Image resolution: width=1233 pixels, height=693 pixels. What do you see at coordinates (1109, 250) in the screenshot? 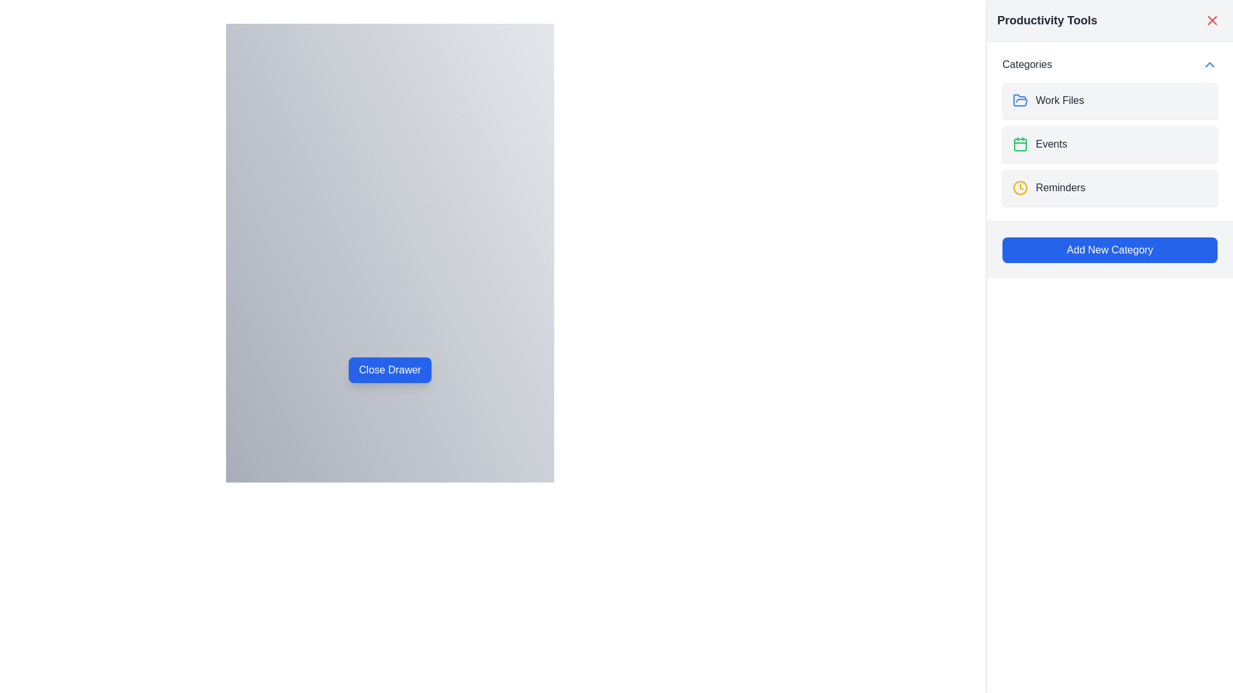
I see `the button that allows users to add a new category in the 'Productivity Tools' section` at bounding box center [1109, 250].